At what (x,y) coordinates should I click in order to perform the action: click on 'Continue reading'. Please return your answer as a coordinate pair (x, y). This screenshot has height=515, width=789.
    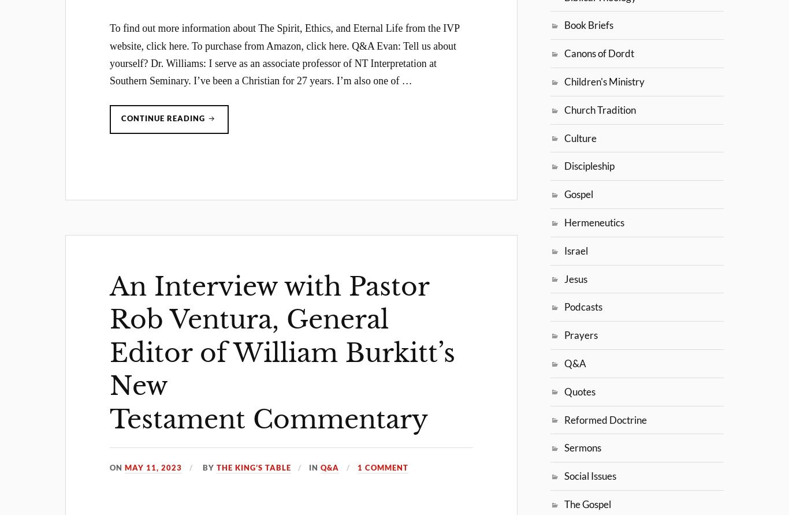
    Looking at the image, I should click on (164, 117).